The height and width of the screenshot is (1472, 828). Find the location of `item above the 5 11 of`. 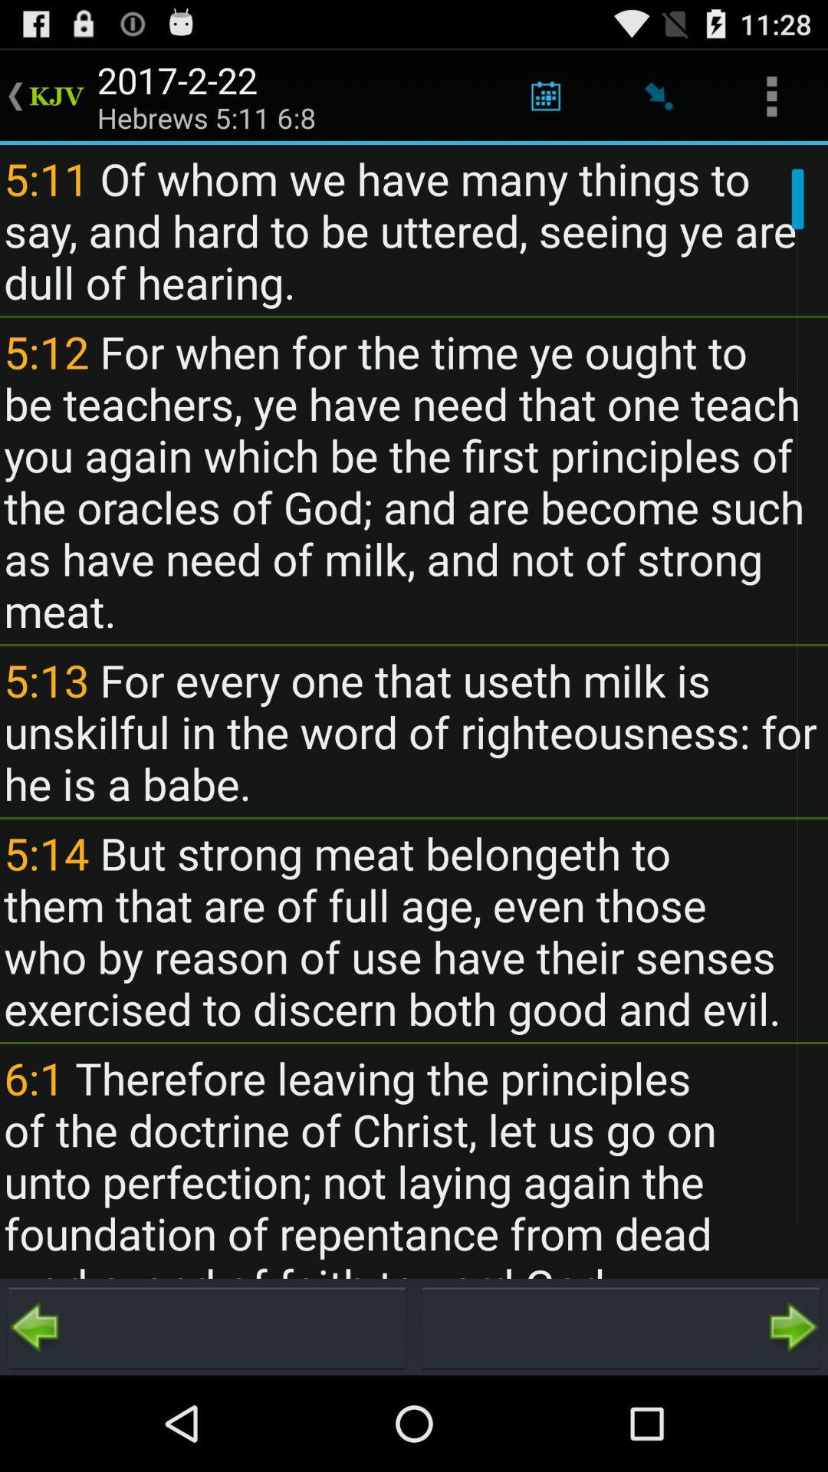

item above the 5 11 of is located at coordinates (658, 95).